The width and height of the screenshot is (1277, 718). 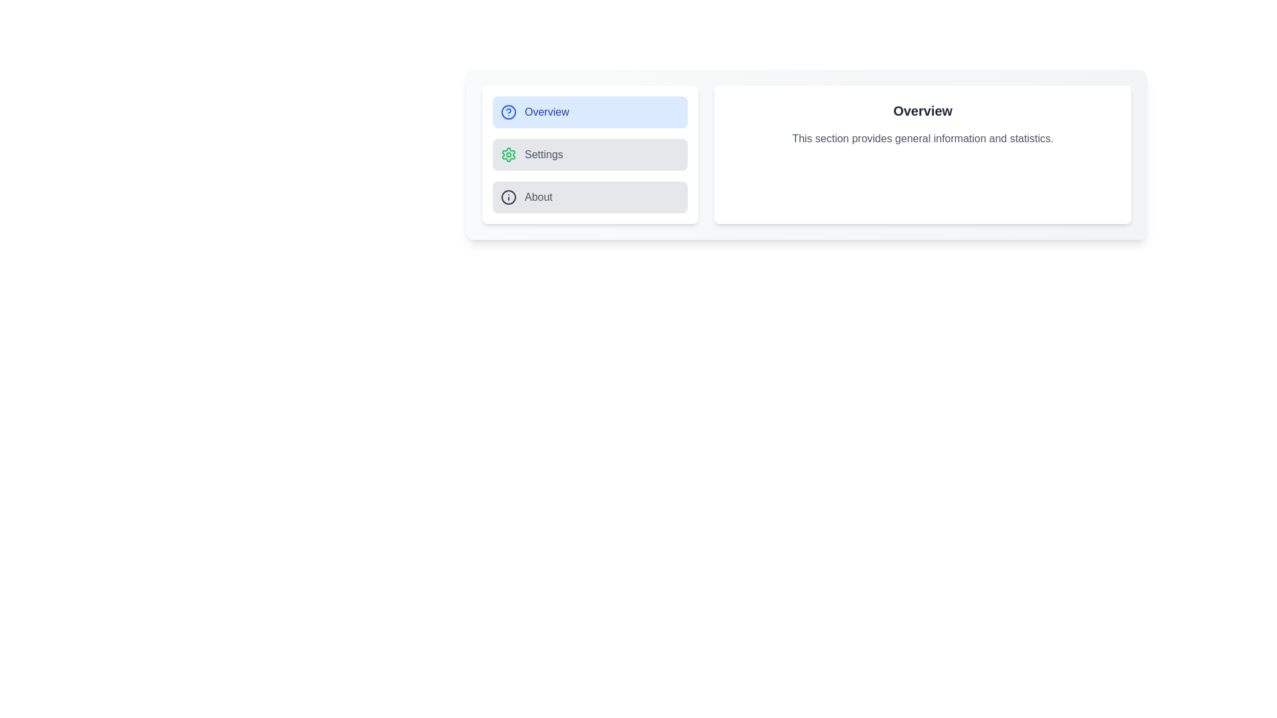 I want to click on the About tab from the sidebar, so click(x=589, y=197).